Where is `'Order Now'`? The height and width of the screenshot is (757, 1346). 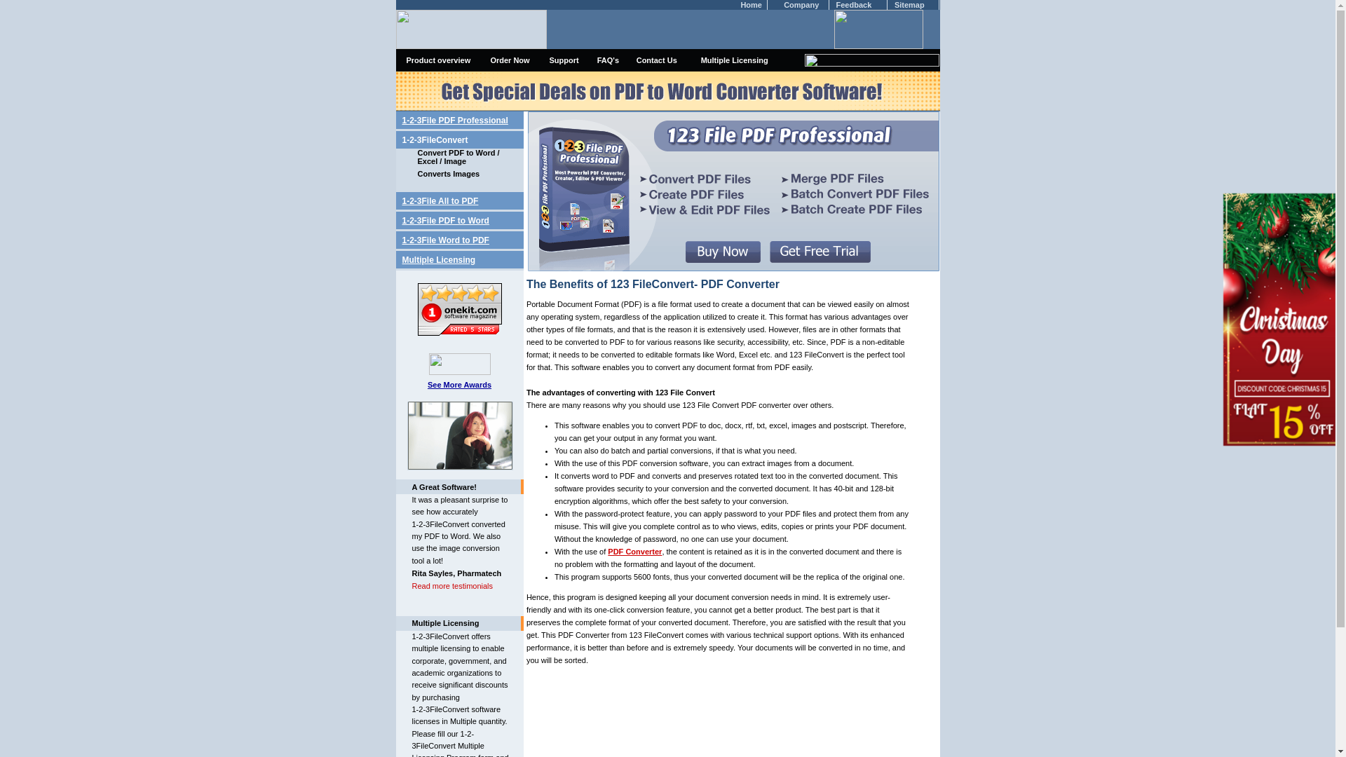
'Order Now' is located at coordinates (508, 59).